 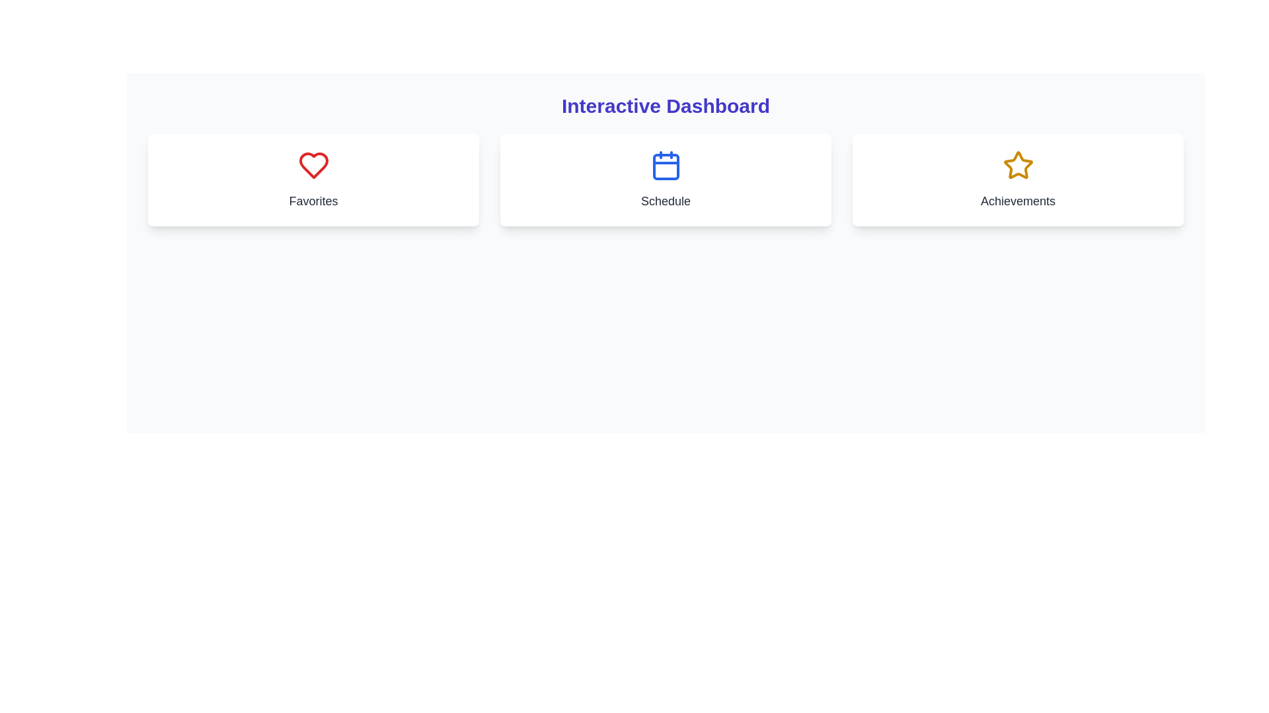 I want to click on the 'Favorites' card component, which is the first card in a row of three, so click(x=313, y=180).